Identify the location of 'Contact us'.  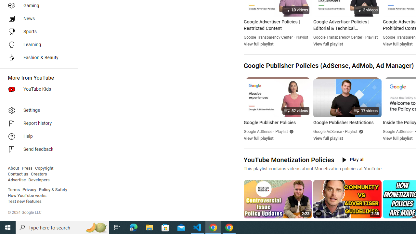
(18, 174).